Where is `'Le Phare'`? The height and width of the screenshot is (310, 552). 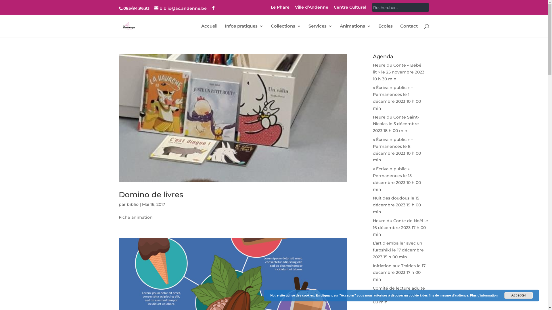
'Le Phare' is located at coordinates (280, 9).